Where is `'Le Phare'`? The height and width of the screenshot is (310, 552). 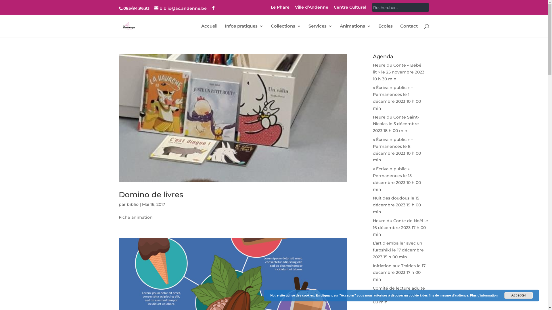
'Le Phare' is located at coordinates (280, 9).